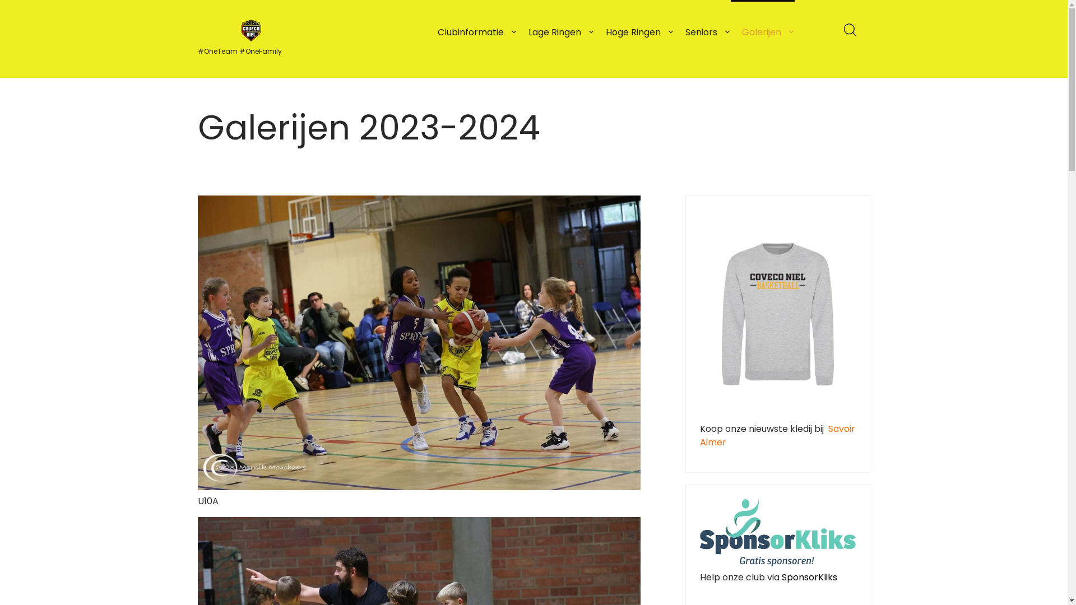 This screenshot has width=1076, height=605. Describe the element at coordinates (762, 31) in the screenshot. I see `'Galerijen'` at that location.